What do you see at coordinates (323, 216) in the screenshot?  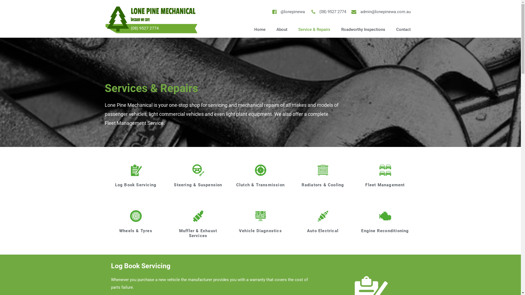 I see `'auto electrical'` at bounding box center [323, 216].